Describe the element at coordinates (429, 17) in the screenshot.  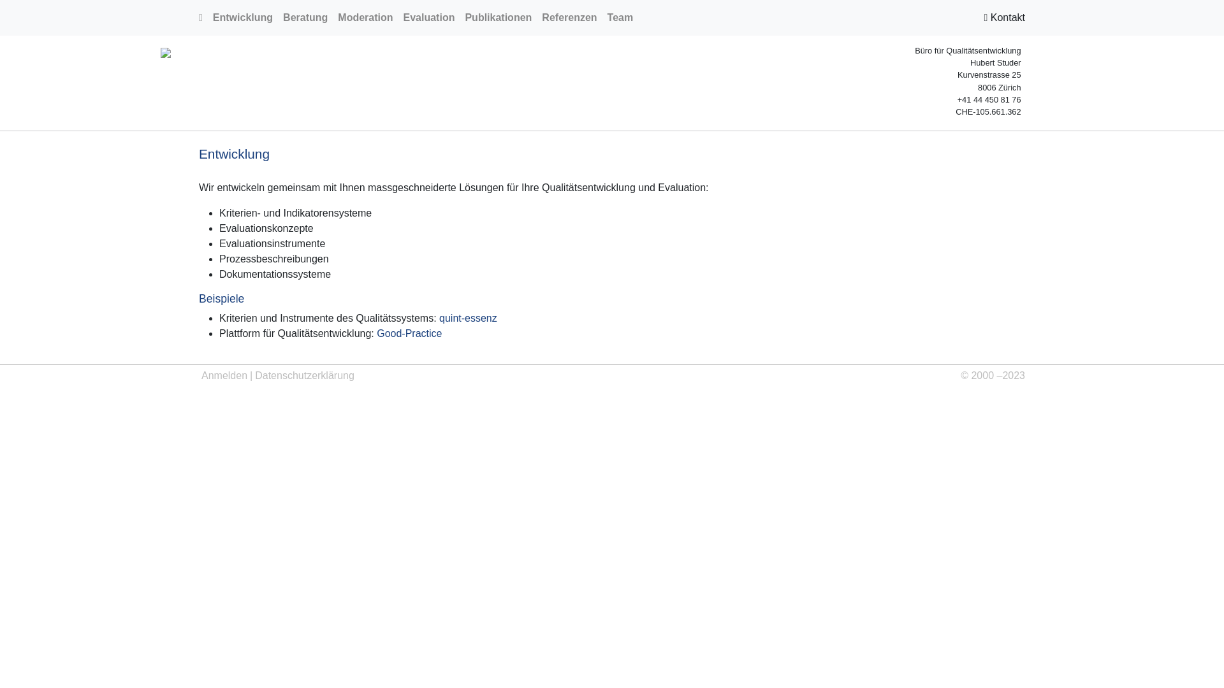
I see `'Evaluation'` at that location.